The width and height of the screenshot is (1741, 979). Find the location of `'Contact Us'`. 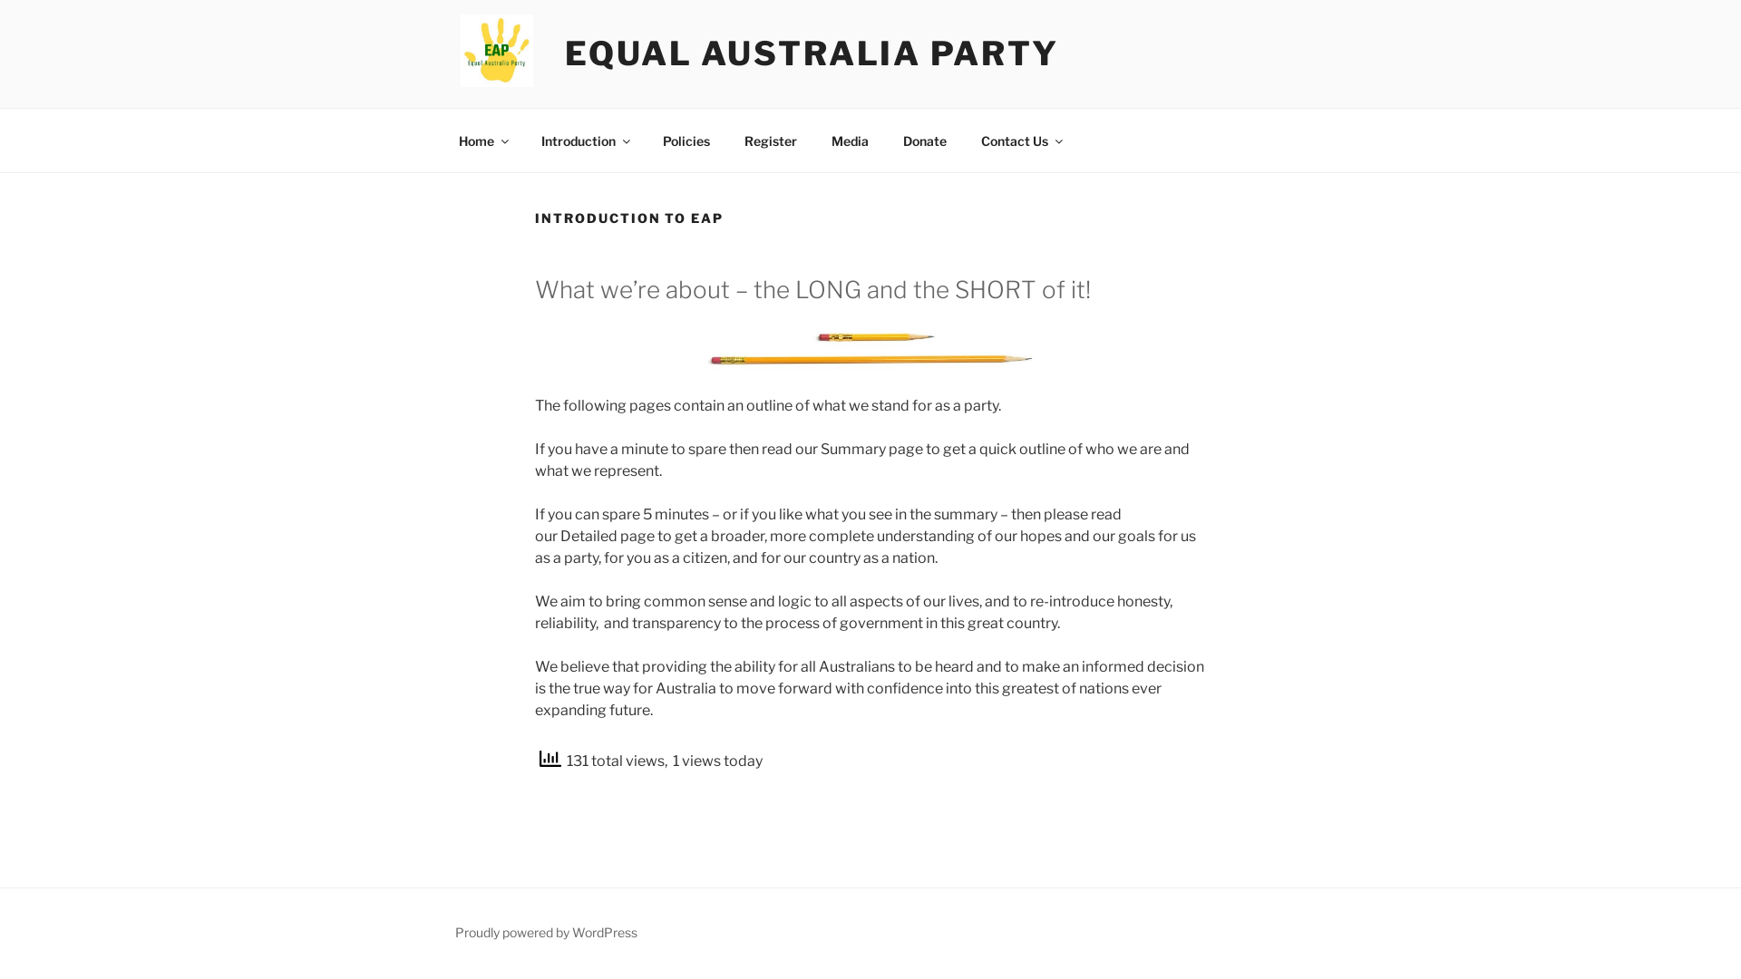

'Contact Us' is located at coordinates (964, 139).